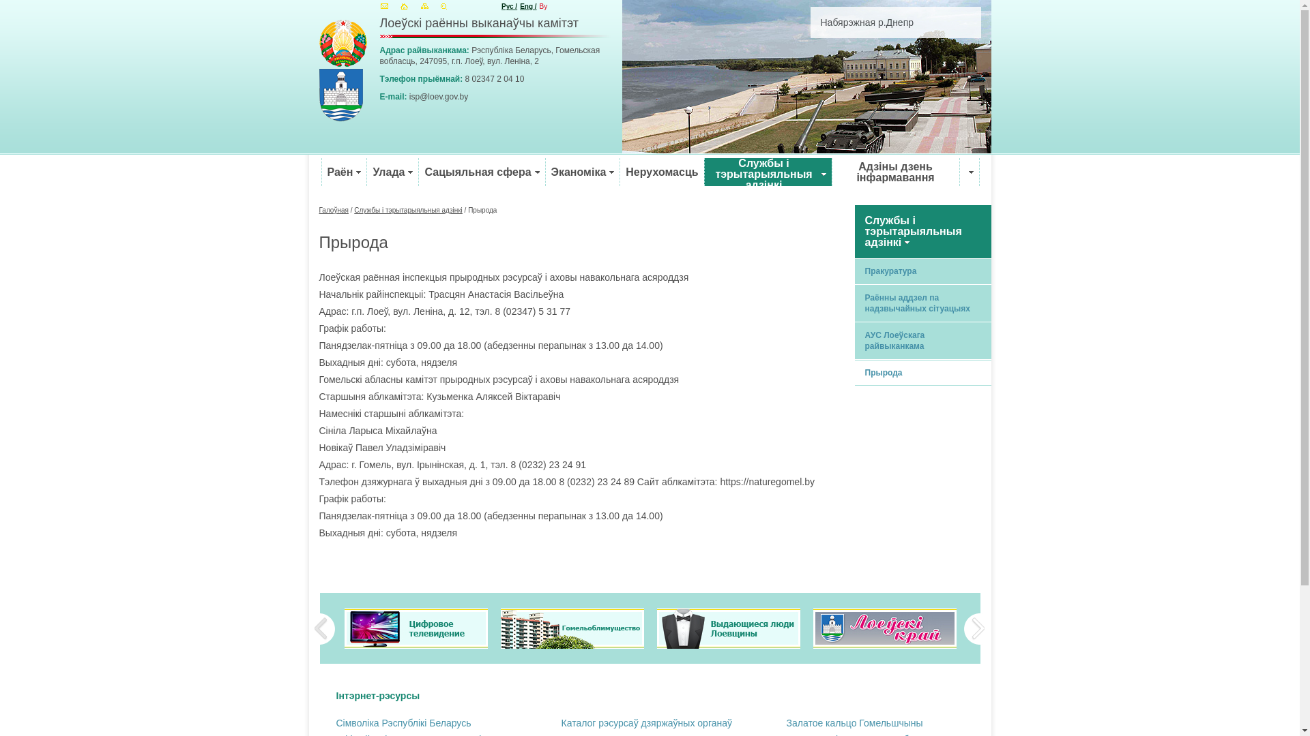  I want to click on 'isp@loev.gov.by', so click(439, 96).